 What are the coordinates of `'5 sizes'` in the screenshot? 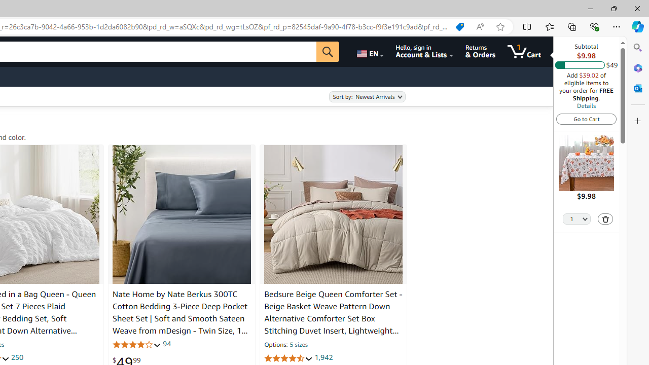 It's located at (298, 345).